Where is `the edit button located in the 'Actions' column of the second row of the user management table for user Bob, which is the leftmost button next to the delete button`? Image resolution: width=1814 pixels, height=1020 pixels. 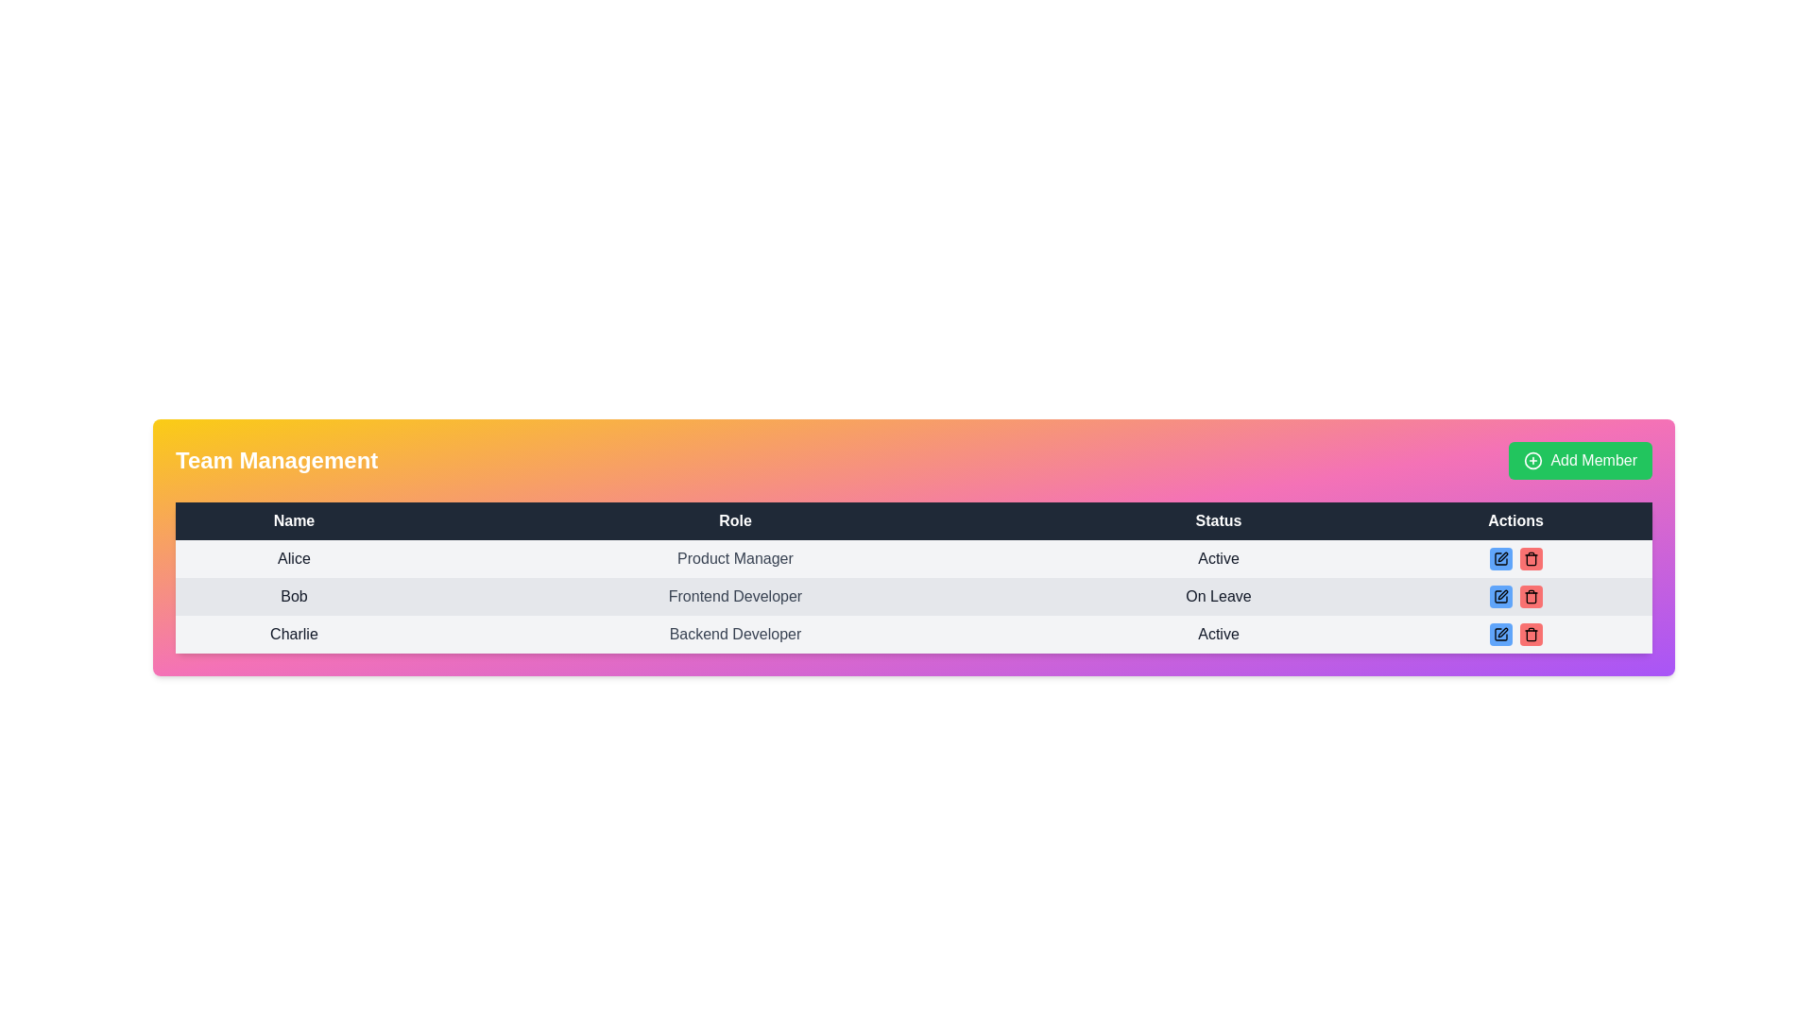
the edit button located in the 'Actions' column of the second row of the user management table for user Bob, which is the leftmost button next to the delete button is located at coordinates (1499, 597).